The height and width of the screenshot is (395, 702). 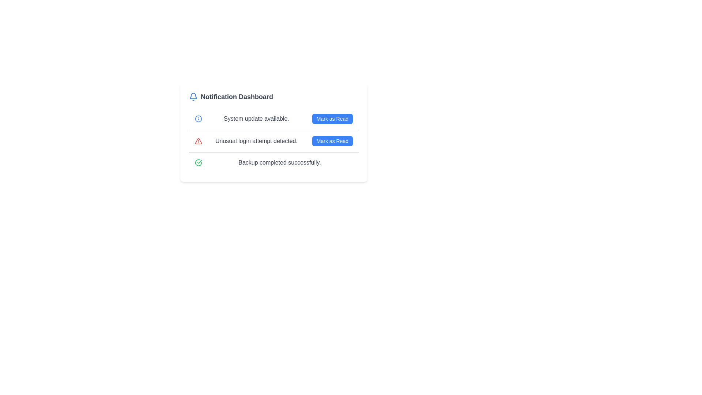 What do you see at coordinates (198, 118) in the screenshot?
I see `the information icon located to the left of the text 'System update available.'` at bounding box center [198, 118].